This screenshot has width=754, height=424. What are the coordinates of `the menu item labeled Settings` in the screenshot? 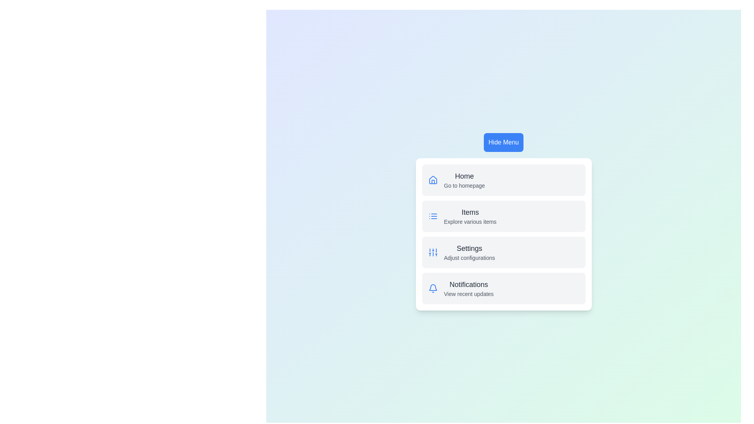 It's located at (469, 248).